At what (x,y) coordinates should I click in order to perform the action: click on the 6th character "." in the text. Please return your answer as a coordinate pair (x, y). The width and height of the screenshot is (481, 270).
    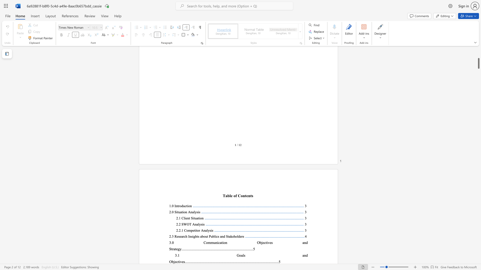
    Looking at the image, I should click on (261, 261).